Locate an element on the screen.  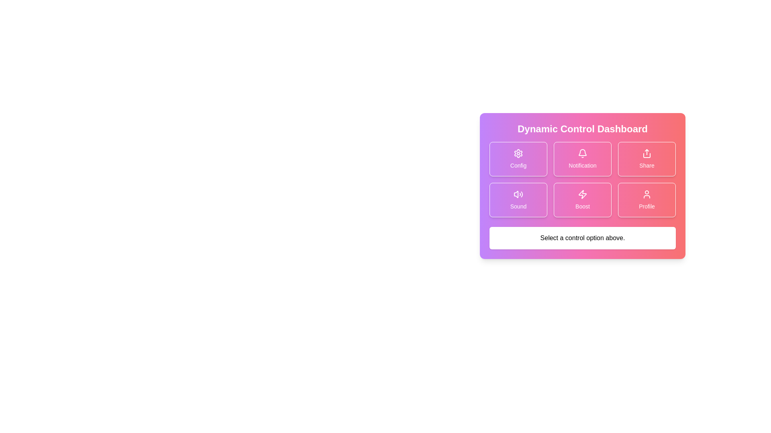
the text label displaying 'Notification' in white color, located below the notification bell icon on the card in the top-right quadrant of the central control dashboard is located at coordinates (582, 165).